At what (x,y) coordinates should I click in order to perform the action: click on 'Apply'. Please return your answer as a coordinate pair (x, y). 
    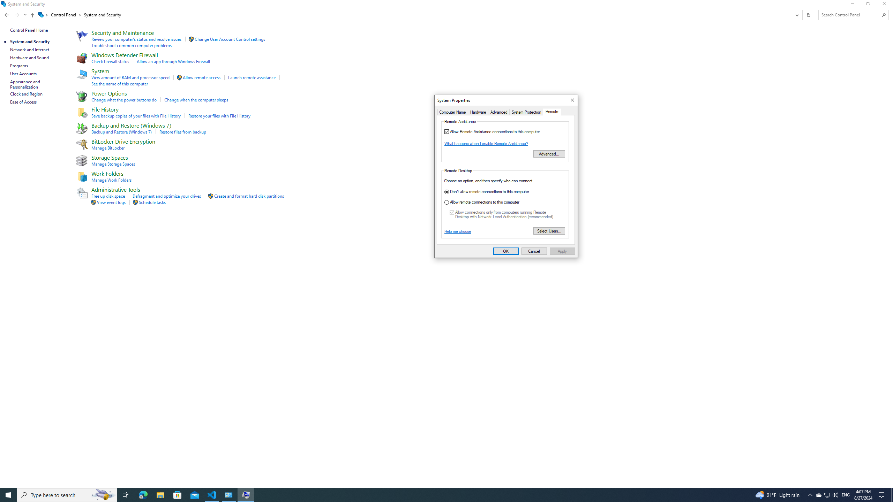
    Looking at the image, I should click on (562, 251).